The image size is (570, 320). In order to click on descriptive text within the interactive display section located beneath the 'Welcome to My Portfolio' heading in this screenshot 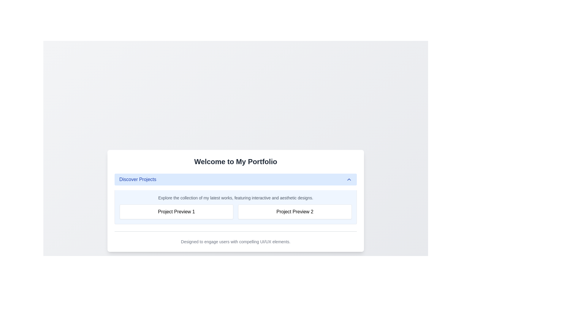, I will do `click(235, 199)`.